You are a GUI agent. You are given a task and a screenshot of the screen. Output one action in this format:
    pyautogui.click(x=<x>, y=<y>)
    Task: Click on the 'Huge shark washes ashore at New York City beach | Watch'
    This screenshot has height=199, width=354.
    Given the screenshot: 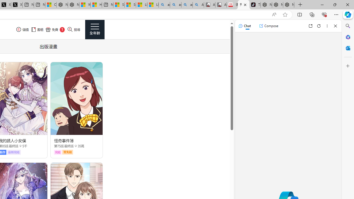 What is the action you would take?
    pyautogui.click(x=96, y=5)
    